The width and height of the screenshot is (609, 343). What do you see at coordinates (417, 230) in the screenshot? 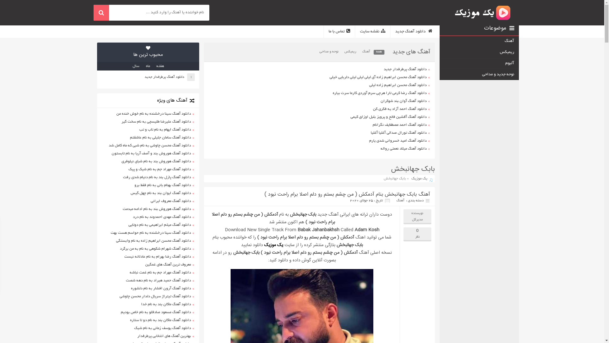
I see `'0'` at bounding box center [417, 230].